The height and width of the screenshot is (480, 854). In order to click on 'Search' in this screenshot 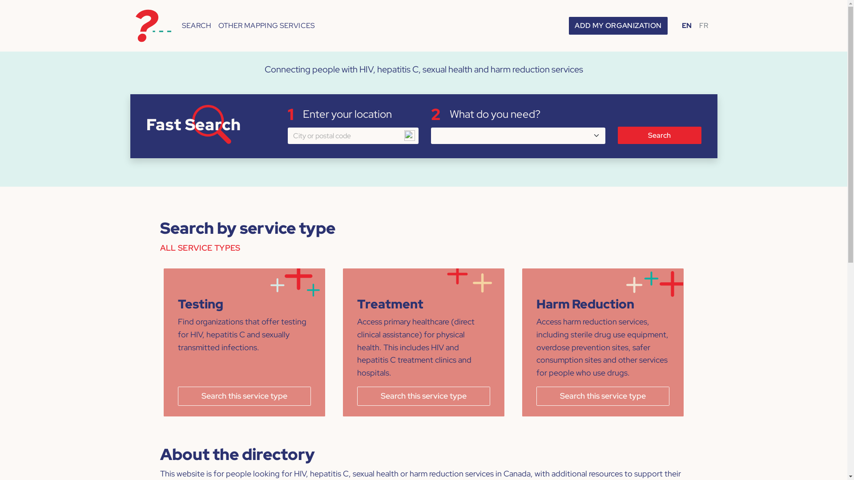, I will do `click(659, 135)`.